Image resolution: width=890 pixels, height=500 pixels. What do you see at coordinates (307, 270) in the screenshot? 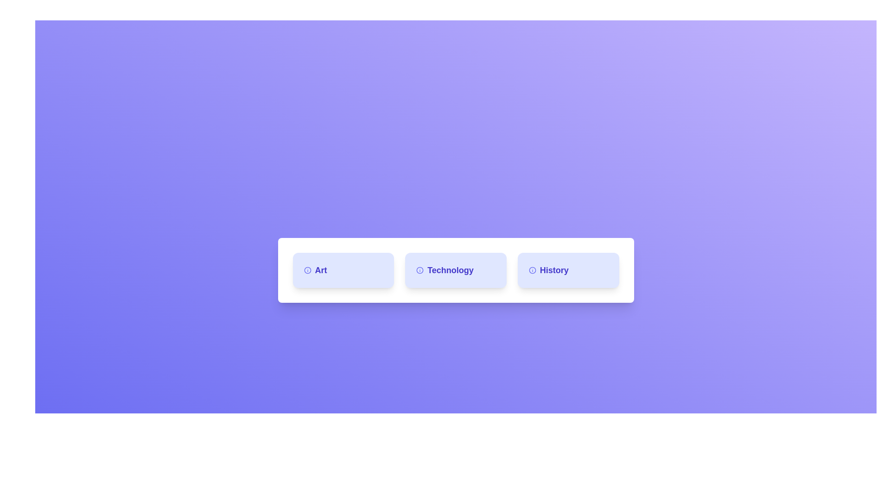
I see `the circular blue outlined SVG icon with a white interior and 'i' symbol, located to the left of the text 'Art'` at bounding box center [307, 270].